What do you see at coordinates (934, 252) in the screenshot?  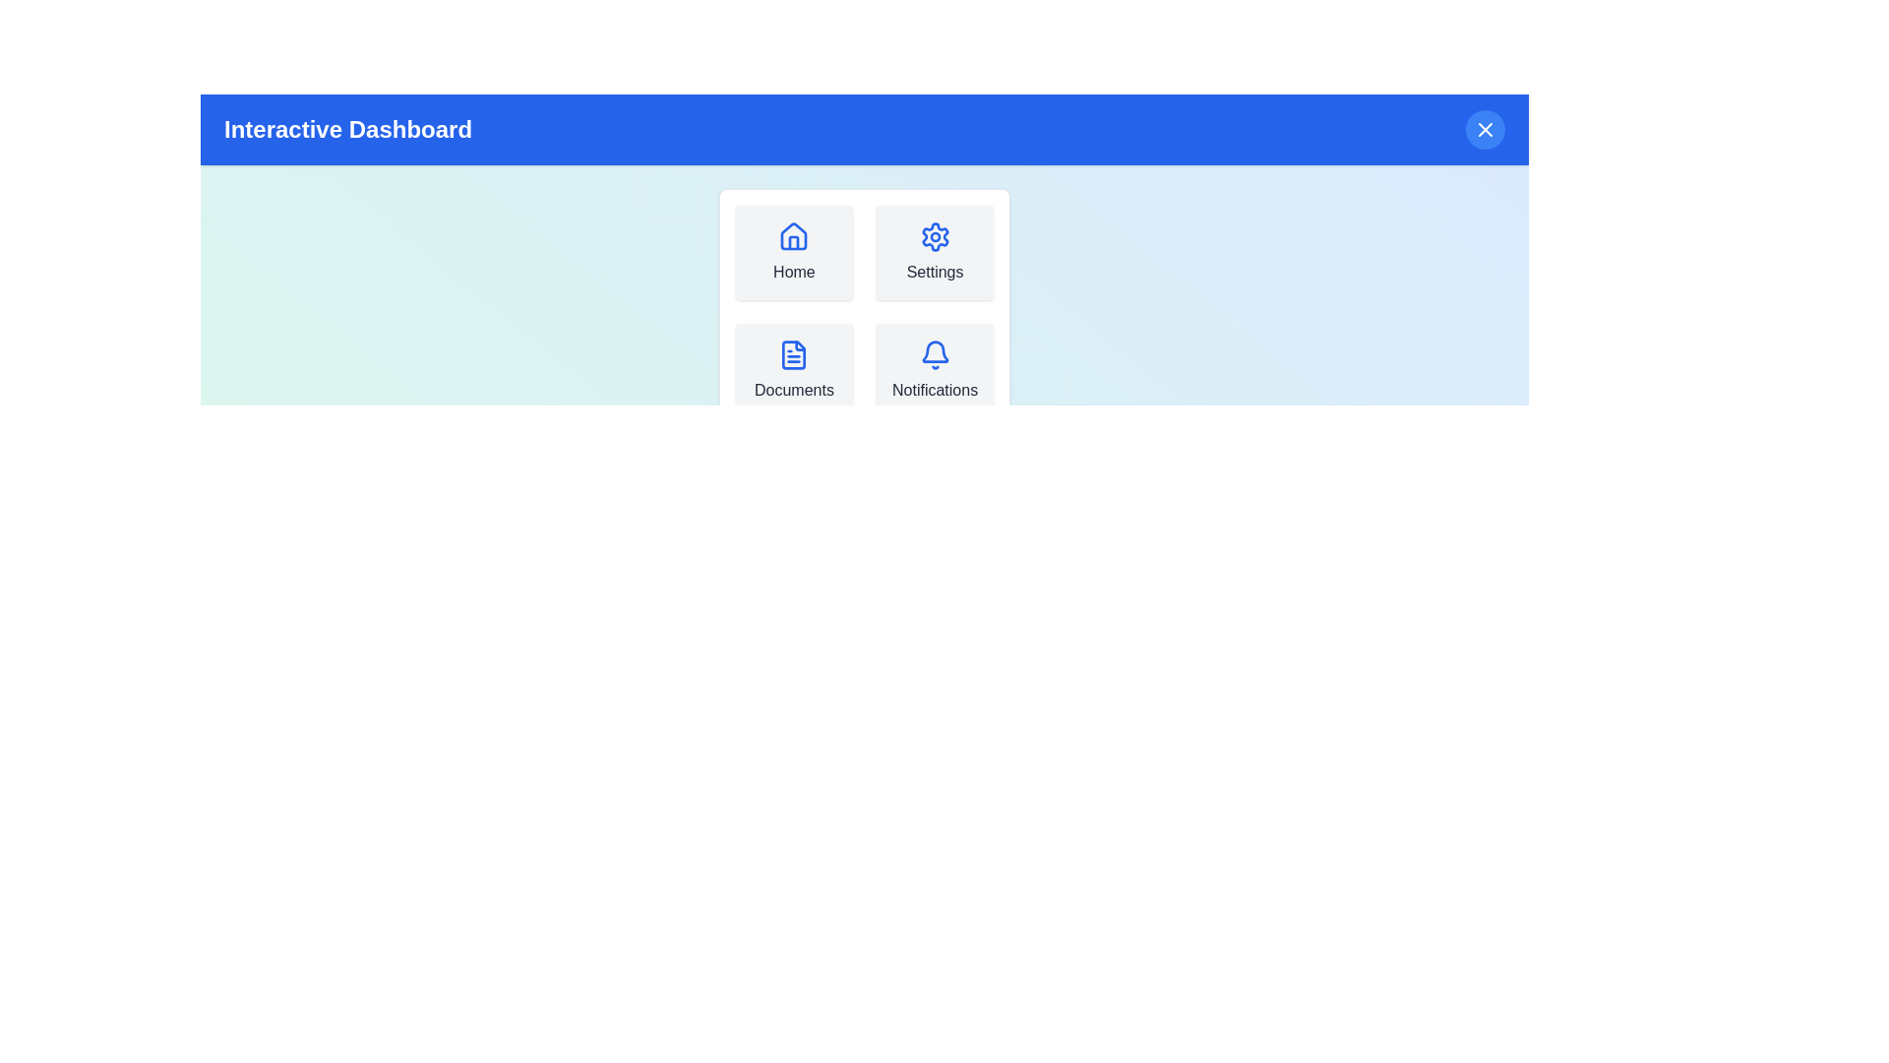 I see `the menu item Settings` at bounding box center [934, 252].